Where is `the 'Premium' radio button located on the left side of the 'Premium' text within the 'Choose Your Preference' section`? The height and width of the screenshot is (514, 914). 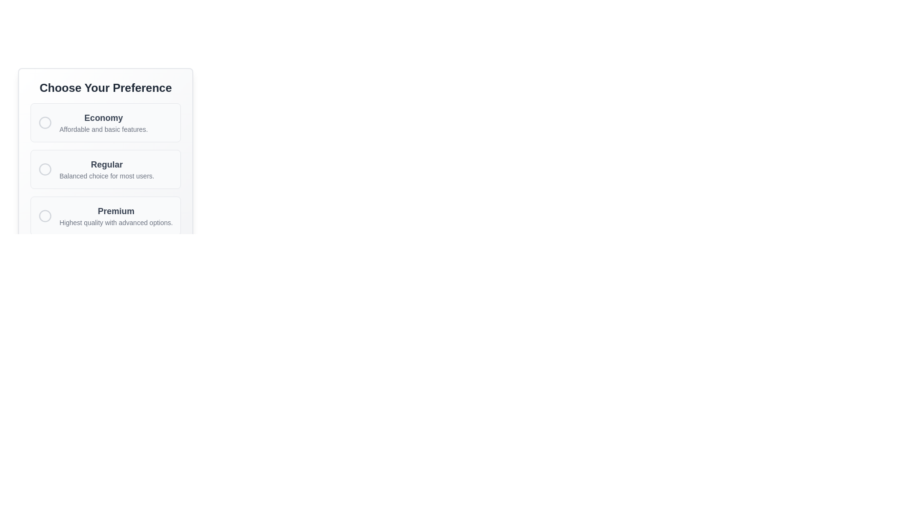 the 'Premium' radio button located on the left side of the 'Premium' text within the 'Choose Your Preference' section is located at coordinates (45, 216).